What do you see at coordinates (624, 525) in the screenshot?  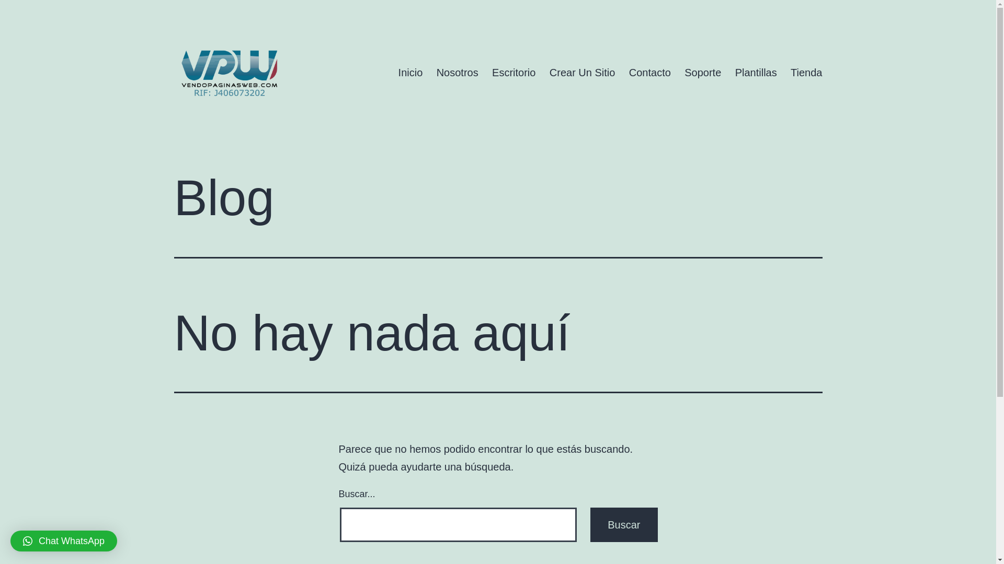 I see `'Buscar'` at bounding box center [624, 525].